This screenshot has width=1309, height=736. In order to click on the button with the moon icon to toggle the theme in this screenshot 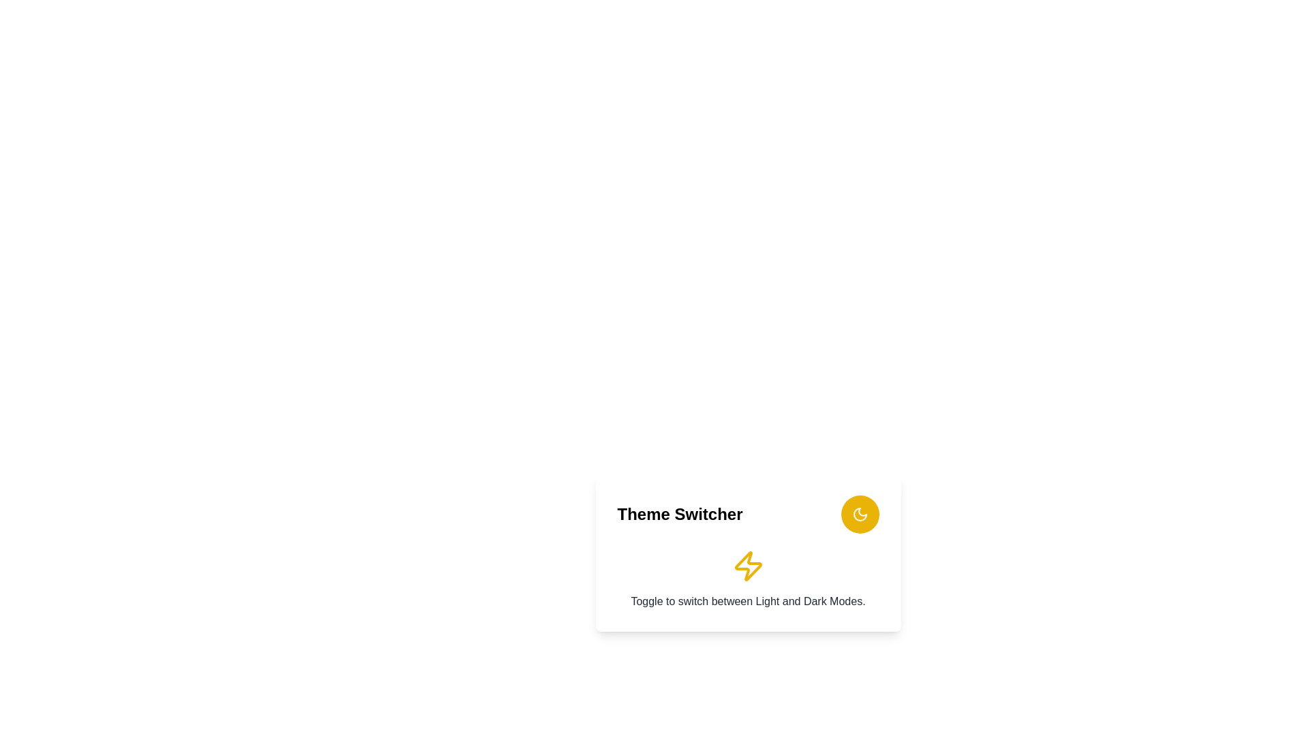, I will do `click(859, 515)`.